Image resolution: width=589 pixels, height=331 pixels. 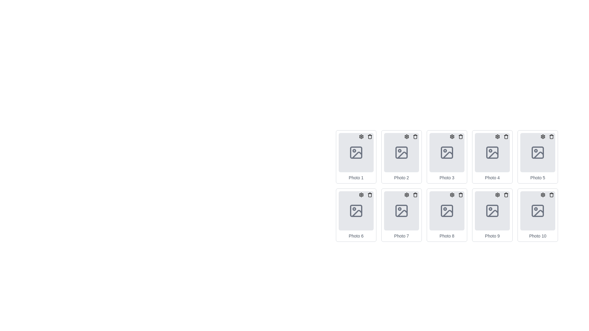 What do you see at coordinates (356, 152) in the screenshot?
I see `the Decorative Frame located in the top-left corner of the first photo frame in the grid labeled 'Photo 1'` at bounding box center [356, 152].